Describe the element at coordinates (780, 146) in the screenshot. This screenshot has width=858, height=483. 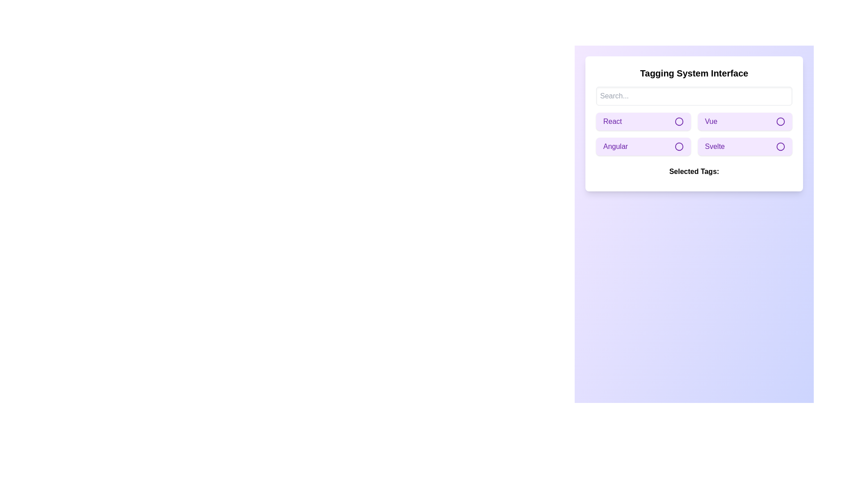
I see `the fourth Circle graphic within the SVG element that indicates selection for the 'Svelte' option` at that location.